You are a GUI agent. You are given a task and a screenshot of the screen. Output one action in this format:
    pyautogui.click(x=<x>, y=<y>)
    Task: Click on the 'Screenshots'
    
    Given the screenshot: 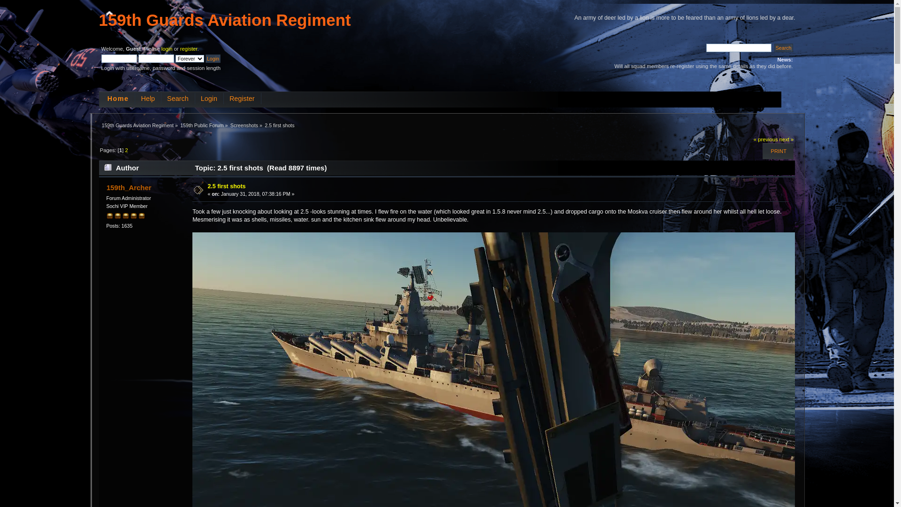 What is the action you would take?
    pyautogui.click(x=244, y=124)
    